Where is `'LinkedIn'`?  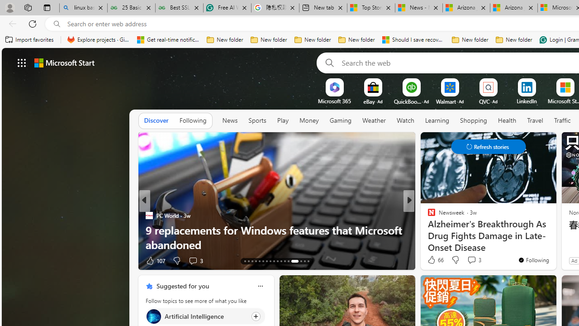 'LinkedIn' is located at coordinates (527, 101).